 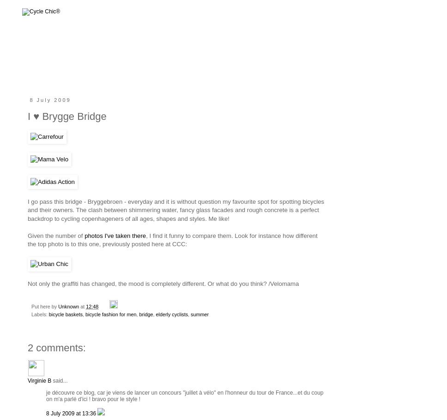 What do you see at coordinates (39, 380) in the screenshot?
I see `'Virginie B'` at bounding box center [39, 380].